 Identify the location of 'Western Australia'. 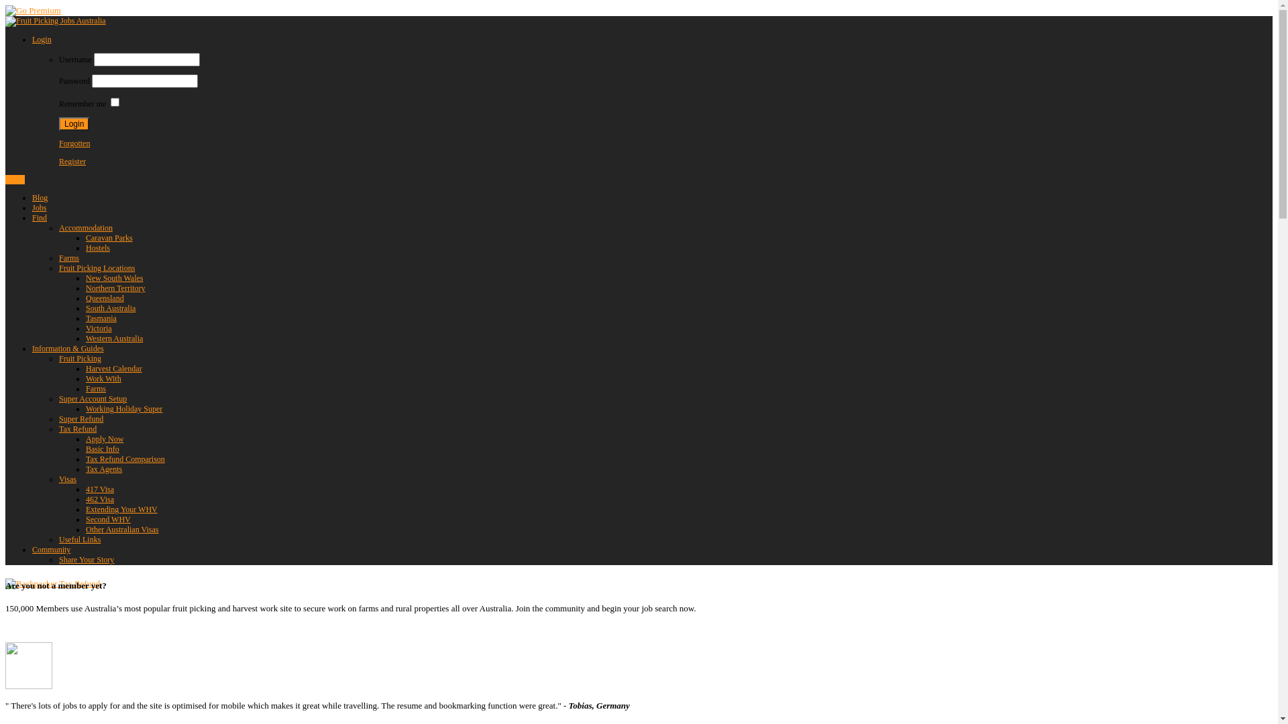
(114, 338).